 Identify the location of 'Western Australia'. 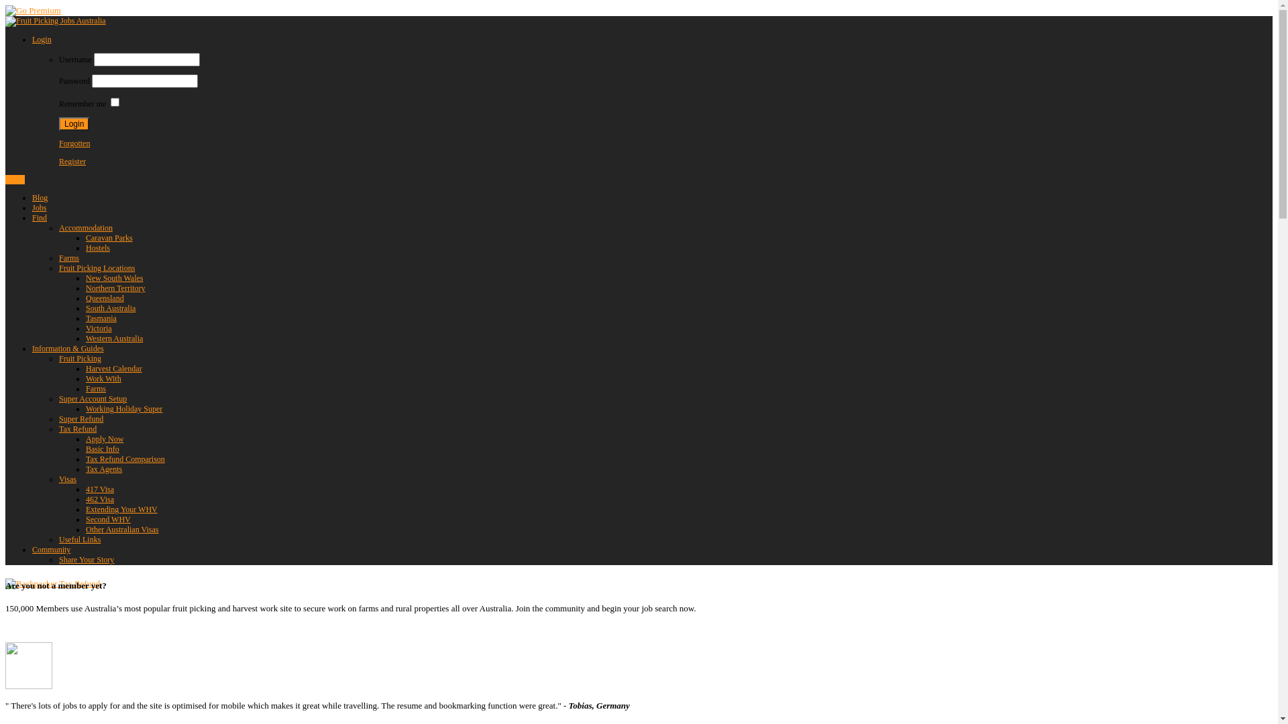
(114, 338).